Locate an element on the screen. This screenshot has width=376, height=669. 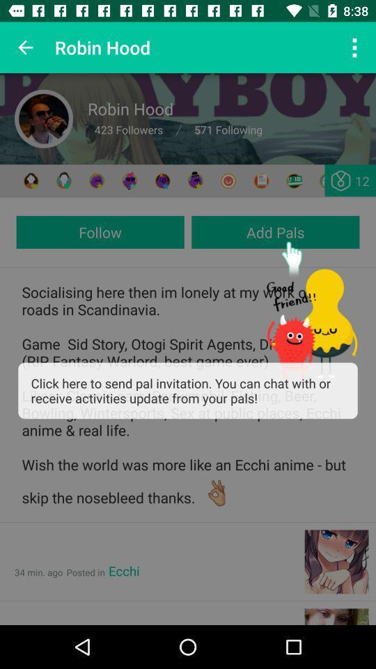
send friend request is located at coordinates (194, 180).